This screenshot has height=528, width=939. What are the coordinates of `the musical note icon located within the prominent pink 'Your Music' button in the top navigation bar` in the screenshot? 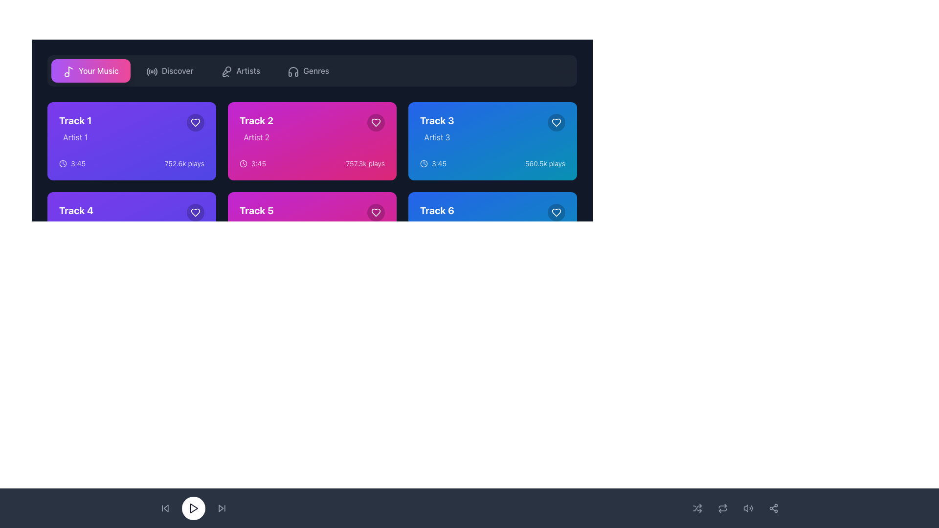 It's located at (67, 70).